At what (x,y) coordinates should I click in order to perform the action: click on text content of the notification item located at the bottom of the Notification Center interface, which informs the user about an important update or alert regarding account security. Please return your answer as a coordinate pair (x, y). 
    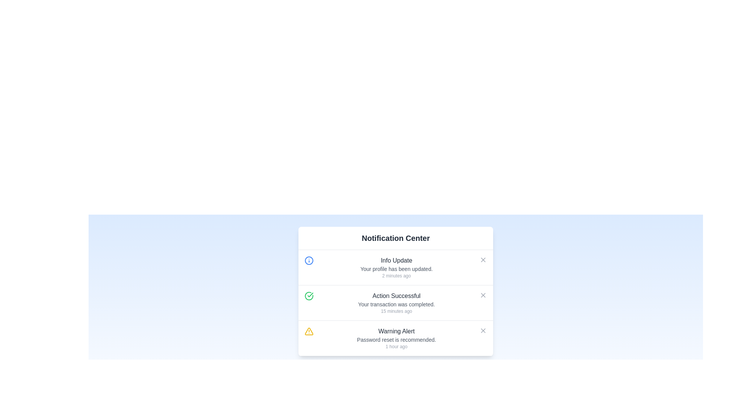
    Looking at the image, I should click on (396, 338).